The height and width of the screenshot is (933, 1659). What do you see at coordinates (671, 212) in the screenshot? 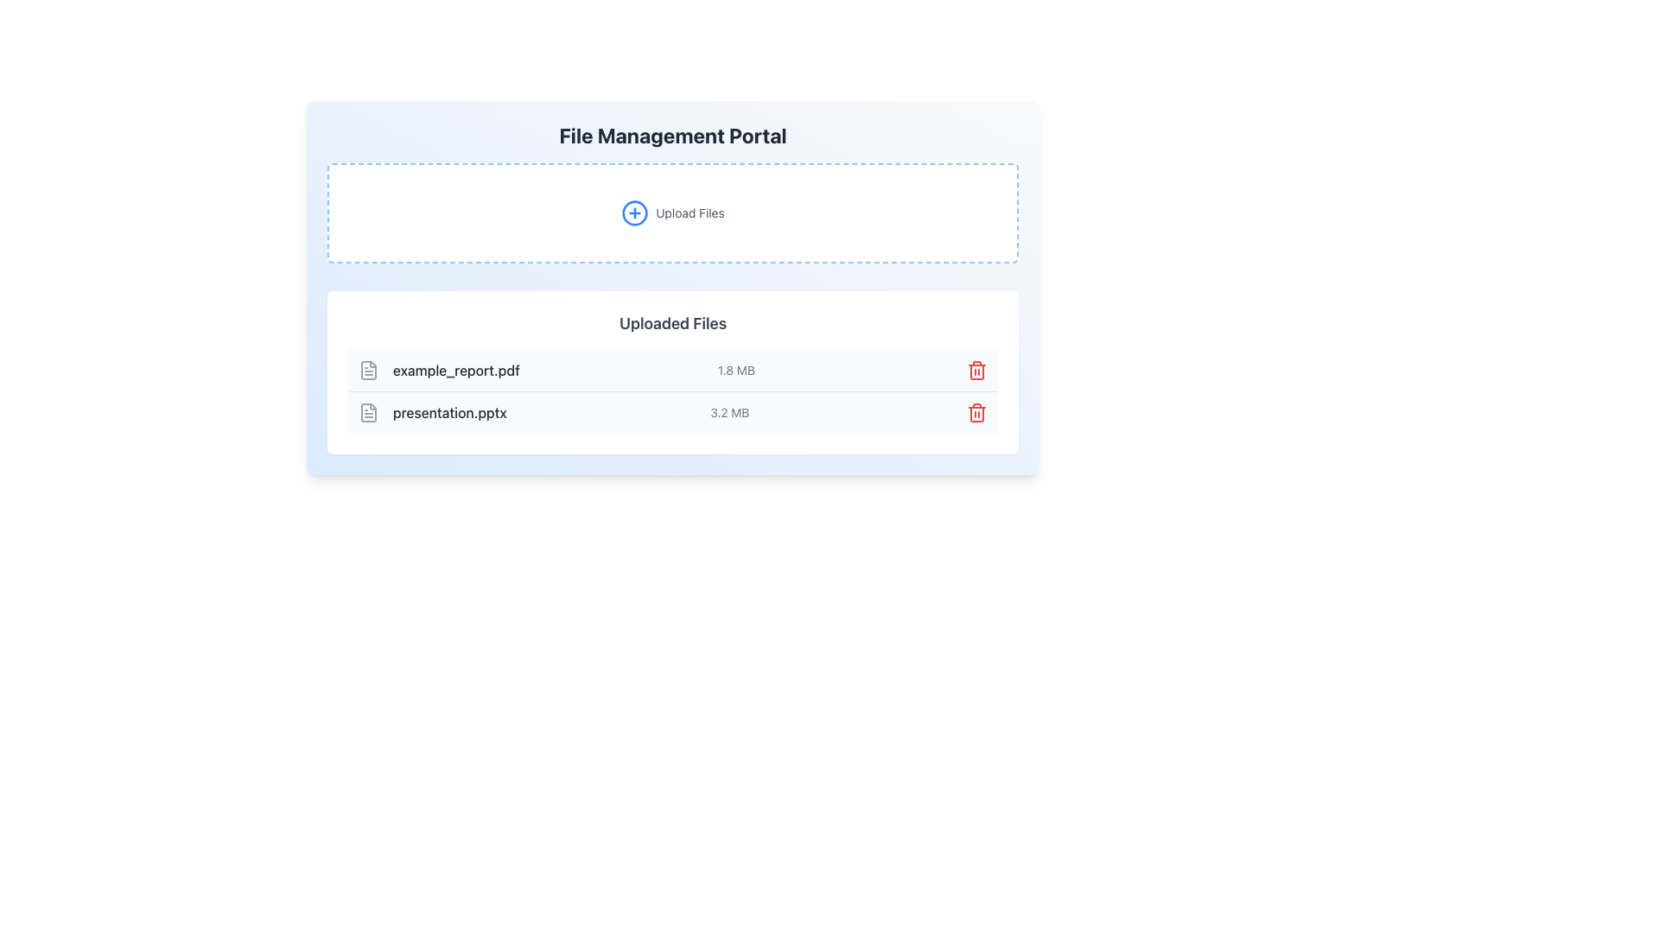
I see `and drop a file onto the upload area component, which is a rectangular white element with dashed blue borders and a centered blue circle '+' icon labeled 'Upload Files'` at bounding box center [671, 212].